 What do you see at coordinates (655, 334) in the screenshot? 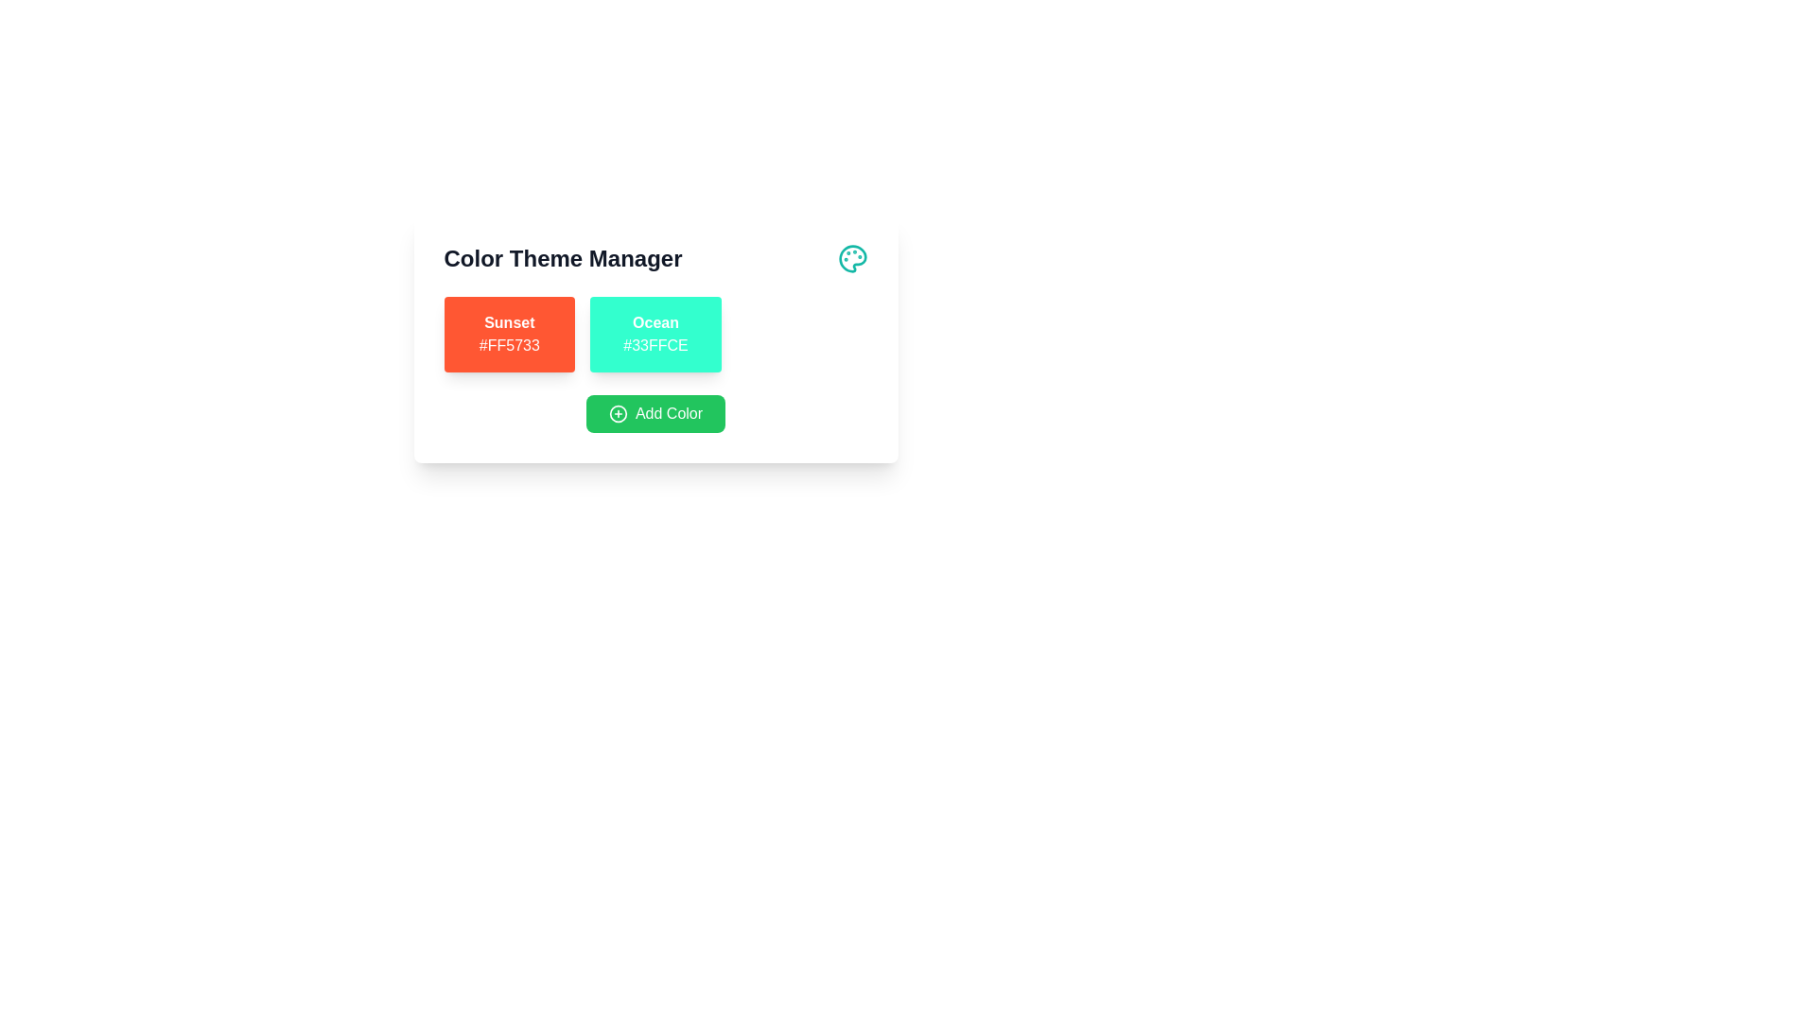
I see `the 'Ocean' color theme card, which is the middle card in a horizontal arrangement of three cards below the 'Color Theme Manager' heading` at bounding box center [655, 334].